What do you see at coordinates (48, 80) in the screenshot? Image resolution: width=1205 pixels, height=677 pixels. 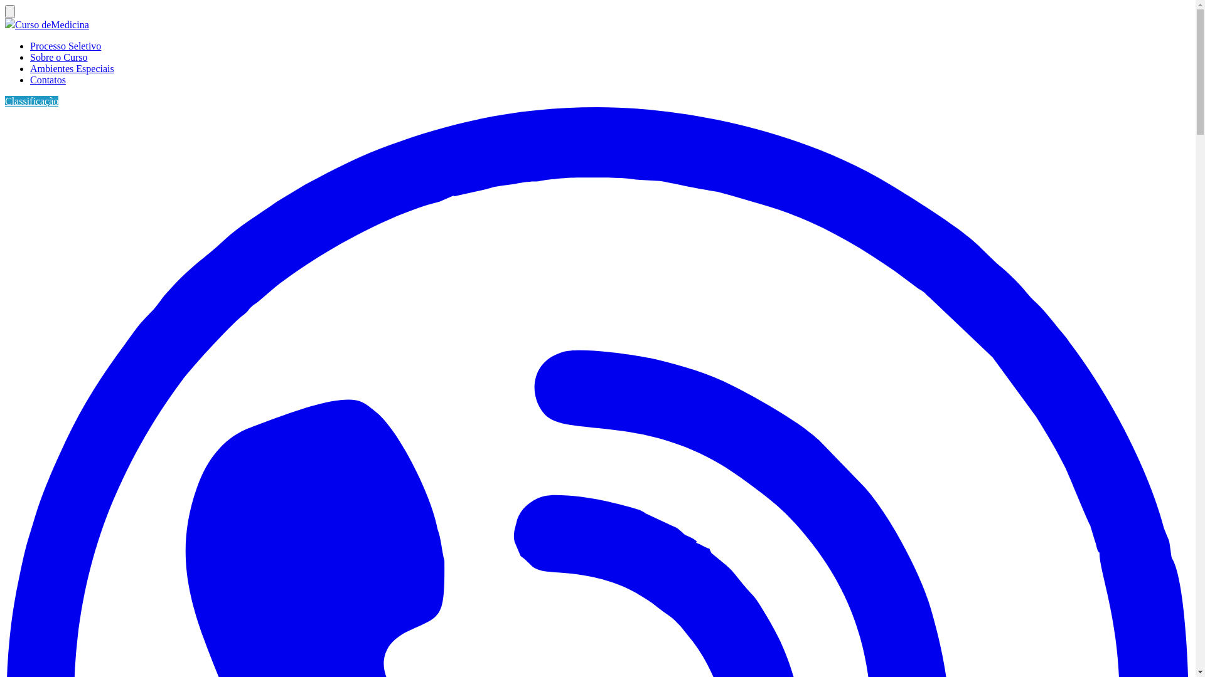 I see `'Contatos'` at bounding box center [48, 80].